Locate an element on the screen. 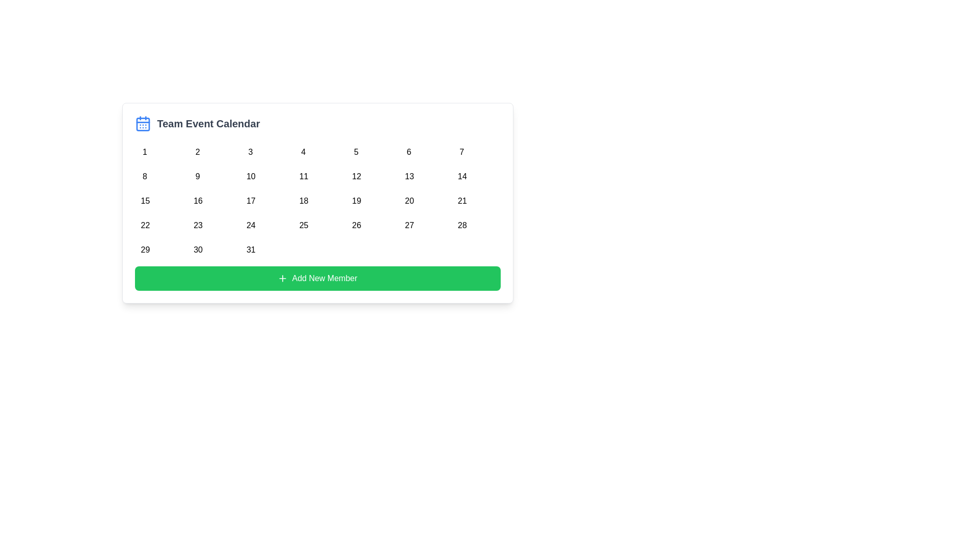  the button located in the first row and fifth column of the grid within the 'Team Event Calendar' is located at coordinates (356, 150).